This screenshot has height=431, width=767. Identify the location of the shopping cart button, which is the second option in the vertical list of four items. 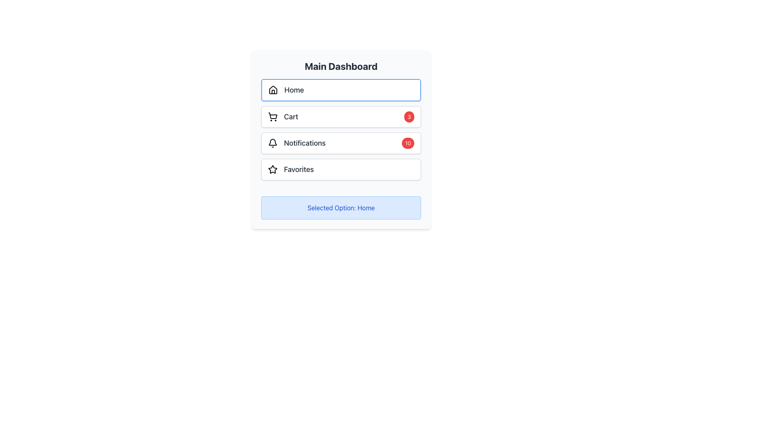
(341, 117).